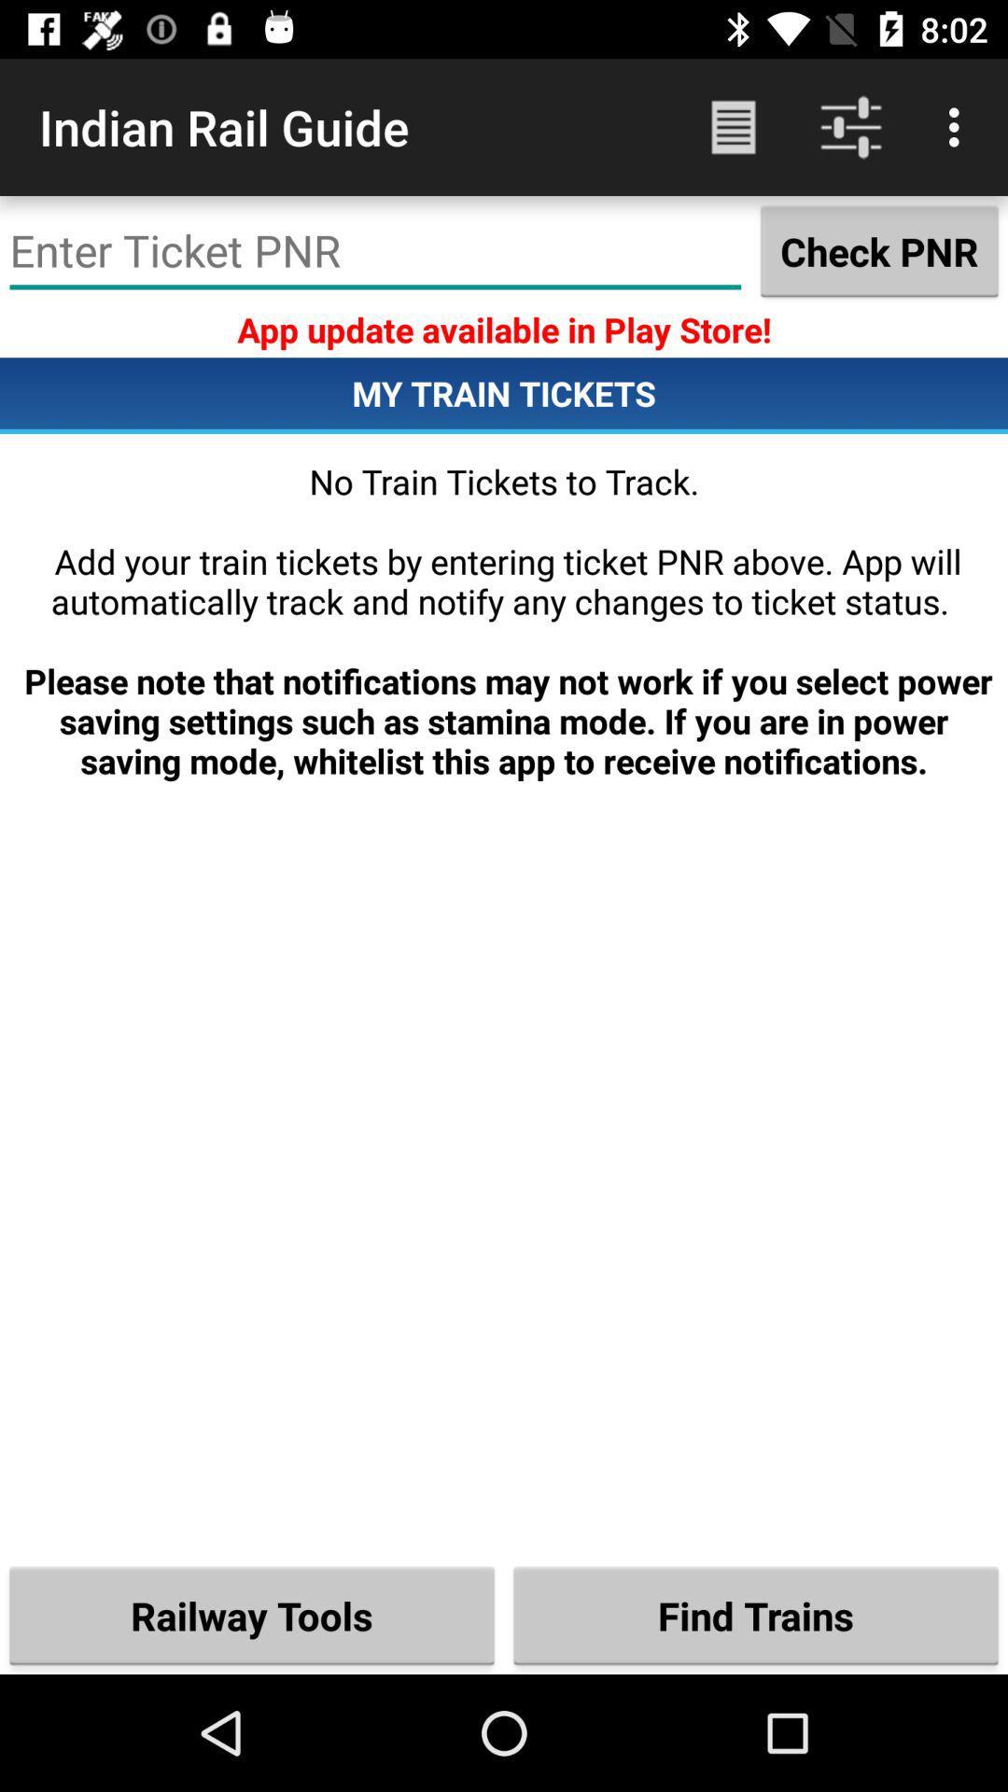  I want to click on item below the no train tickets item, so click(756, 1615).